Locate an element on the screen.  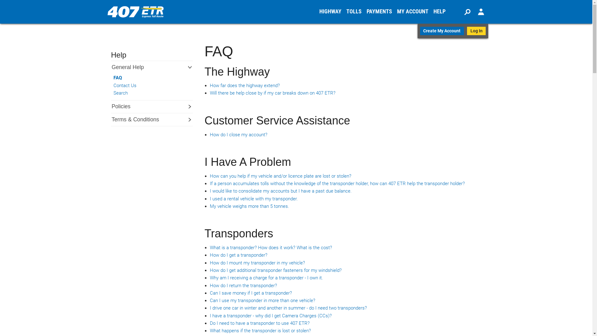
'Policies' is located at coordinates (111, 106).